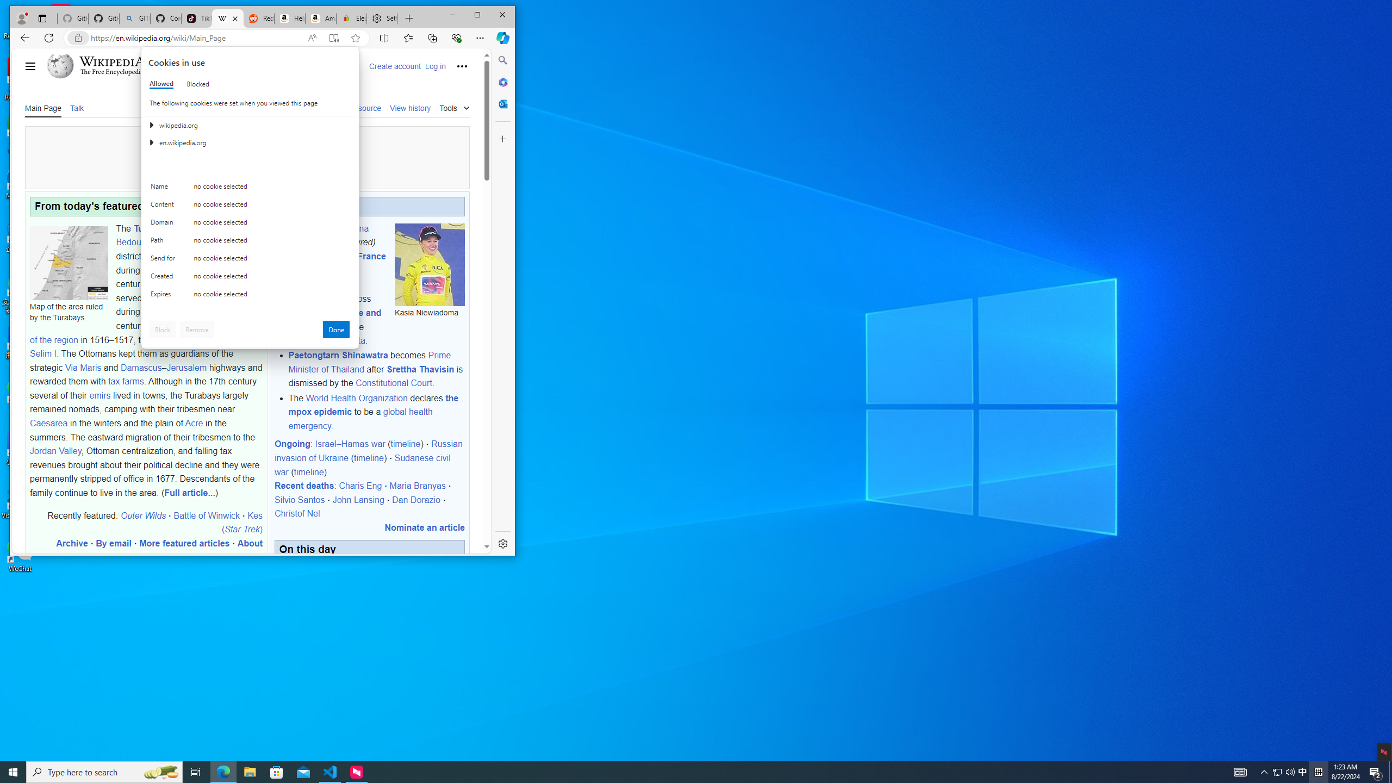 The height and width of the screenshot is (783, 1392). What do you see at coordinates (195, 771) in the screenshot?
I see `'Task View'` at bounding box center [195, 771].